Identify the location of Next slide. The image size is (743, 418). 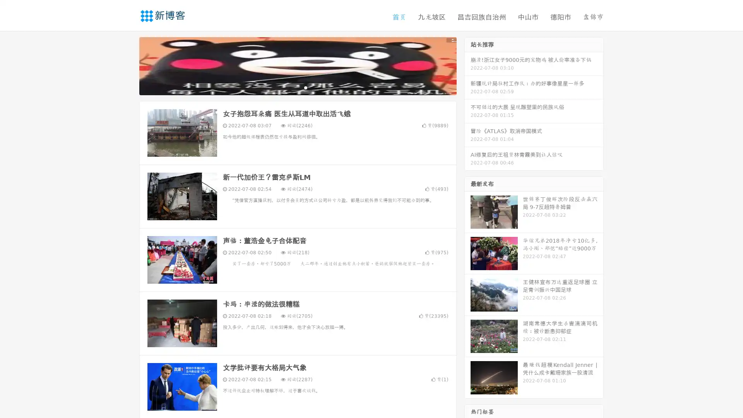
(467, 65).